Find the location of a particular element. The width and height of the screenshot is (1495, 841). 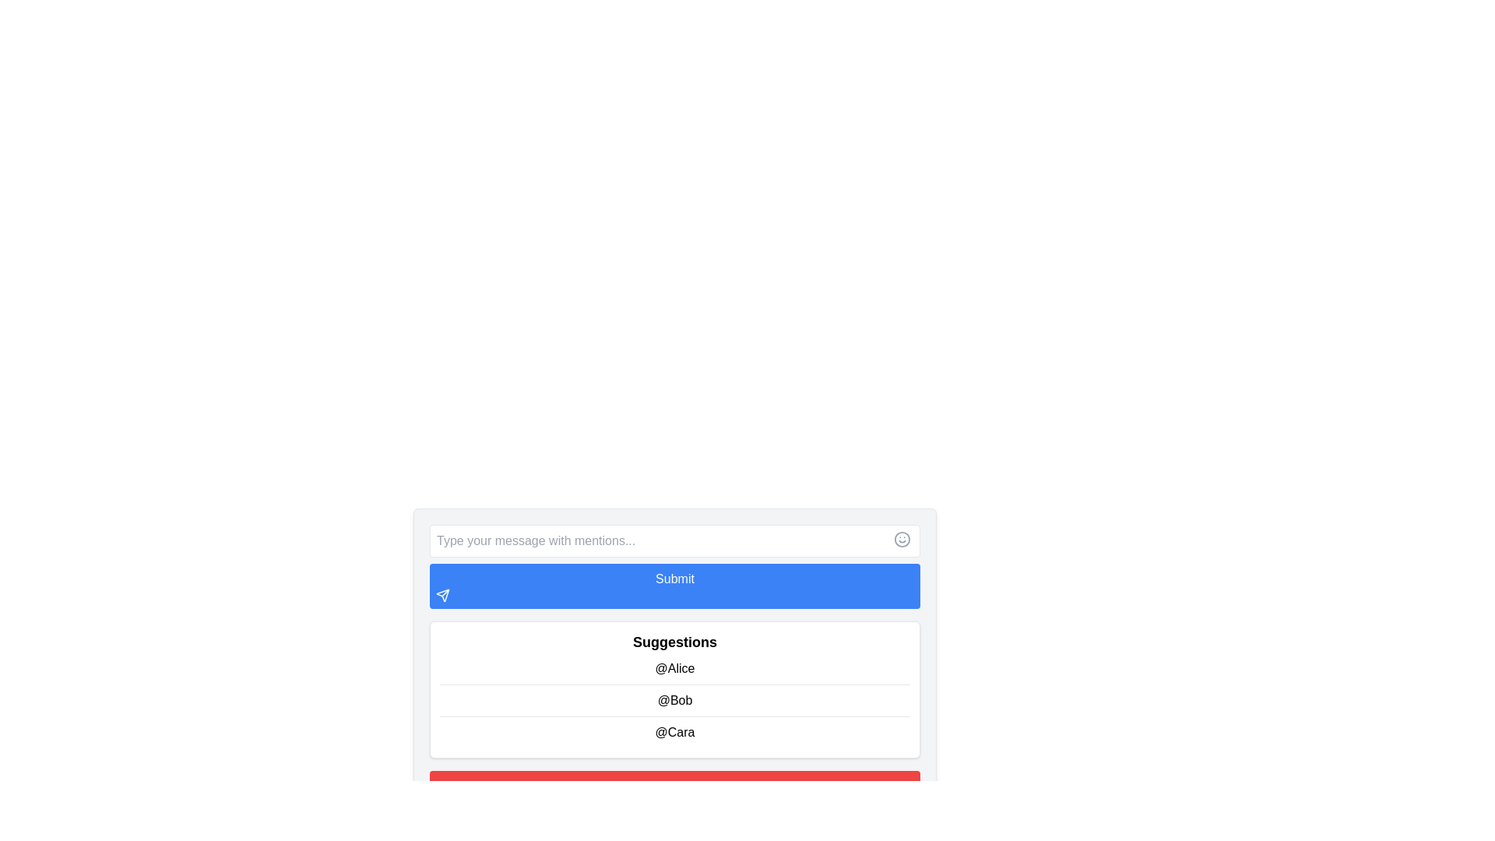

the 'Submit' button which has a blue background, white text, and a paper plane icon is located at coordinates (675, 586).